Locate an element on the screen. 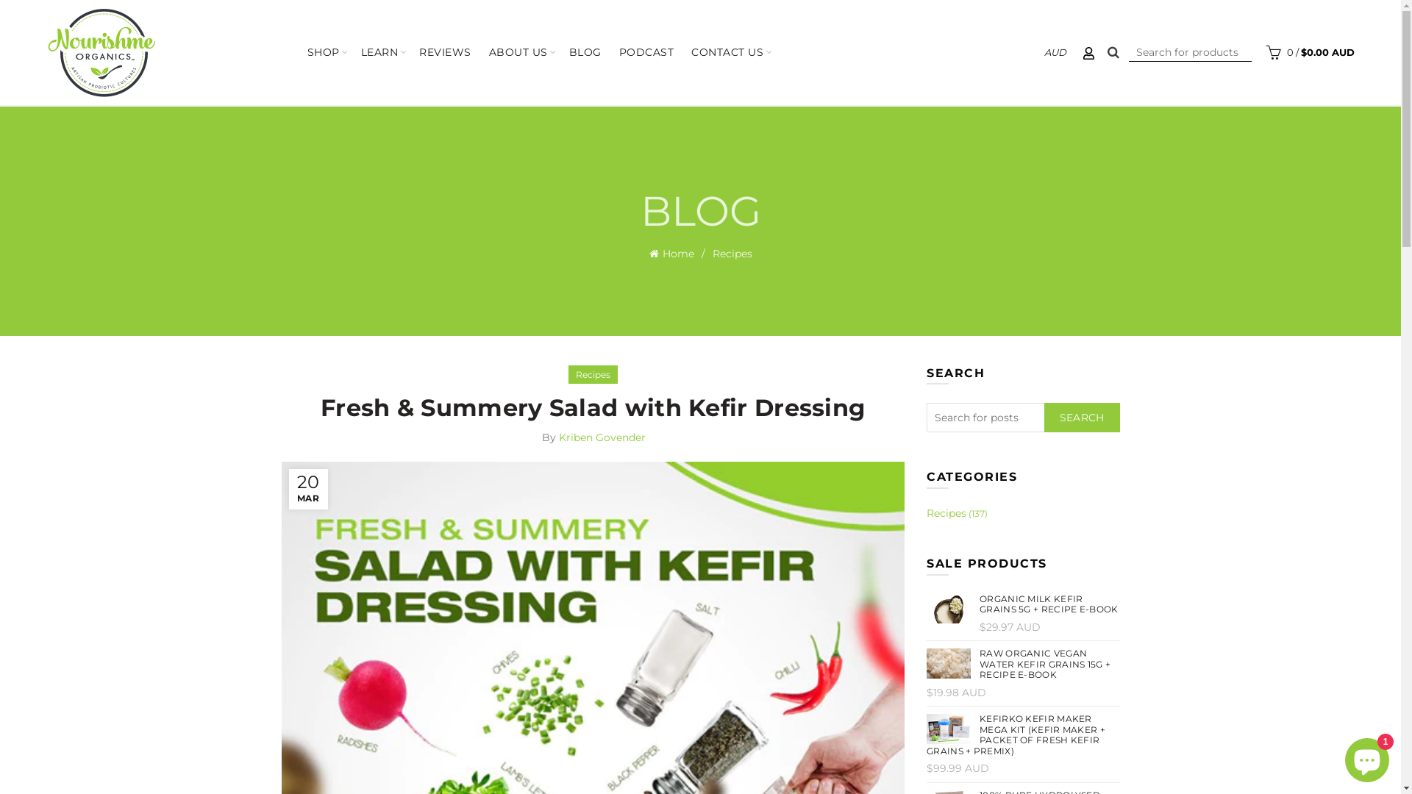 This screenshot has width=1412, height=794. 'REVIEWS' is located at coordinates (444, 51).